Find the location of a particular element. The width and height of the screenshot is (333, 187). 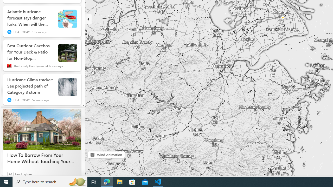

'The Family Handyman' is located at coordinates (9, 66).